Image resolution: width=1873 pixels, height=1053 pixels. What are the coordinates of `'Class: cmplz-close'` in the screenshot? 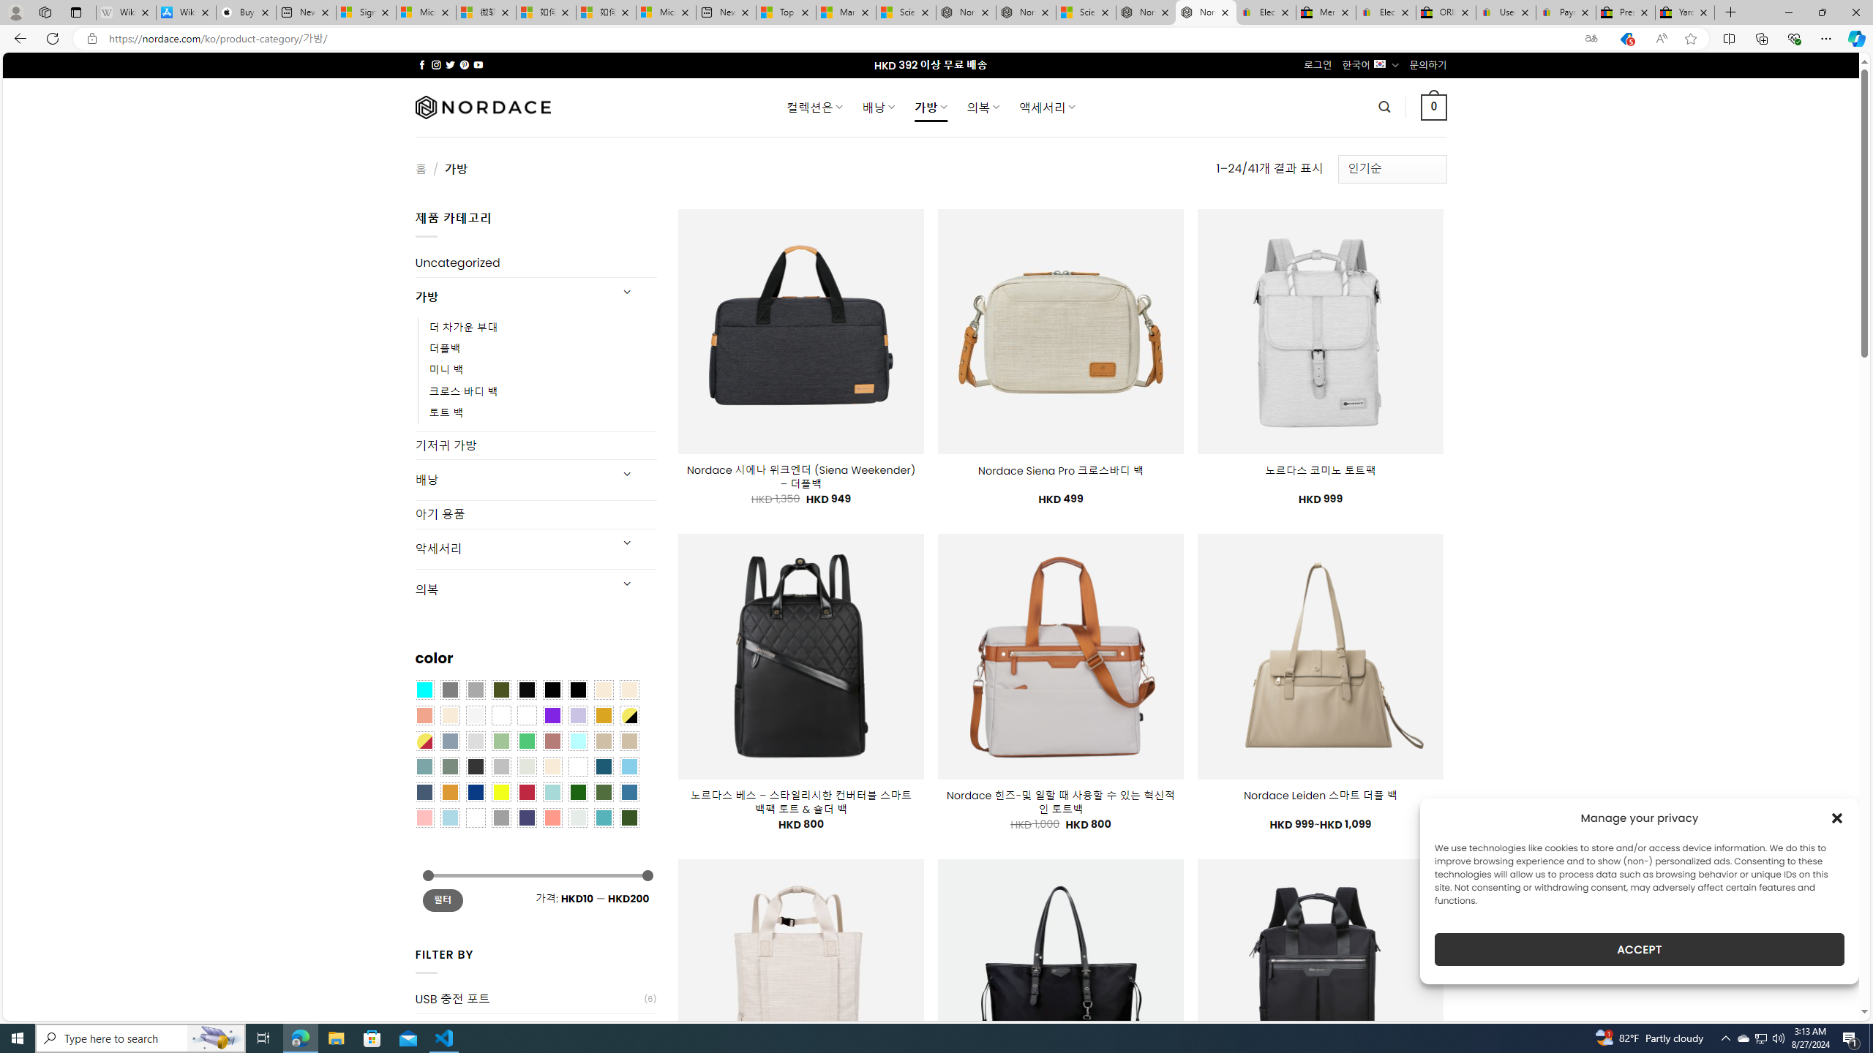 It's located at (1837, 818).